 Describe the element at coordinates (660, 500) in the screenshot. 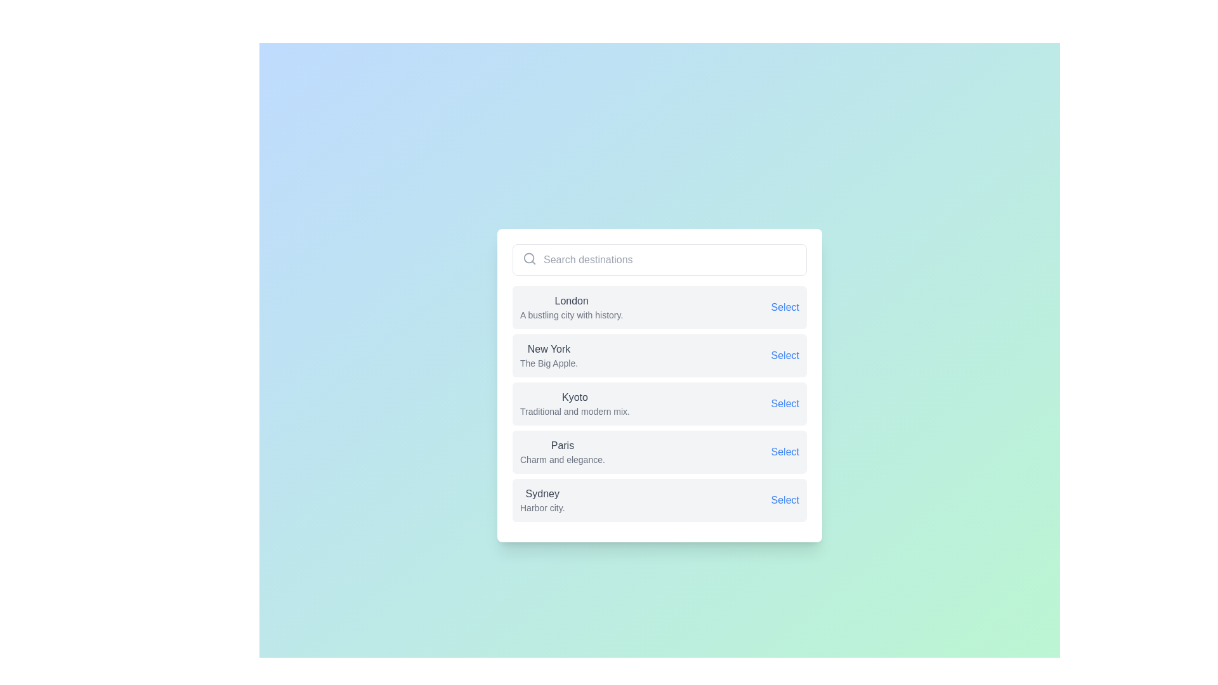

I see `the fifth list item in the vertical list that displays information about 'Sydney' and contains a 'Select' button for accessibility purposes` at that location.